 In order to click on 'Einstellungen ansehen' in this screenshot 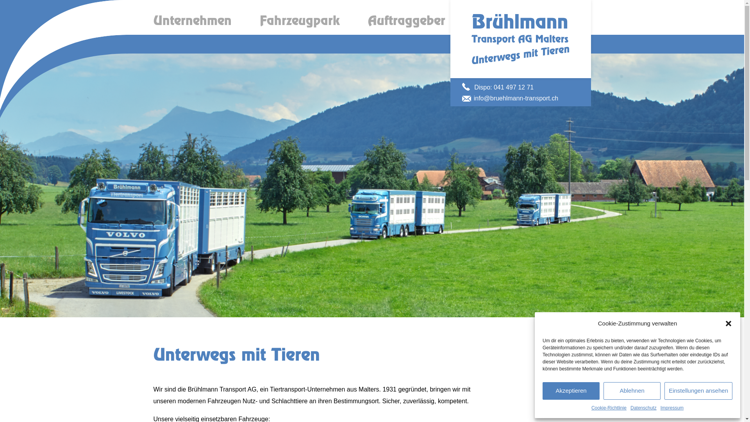, I will do `click(698, 391)`.